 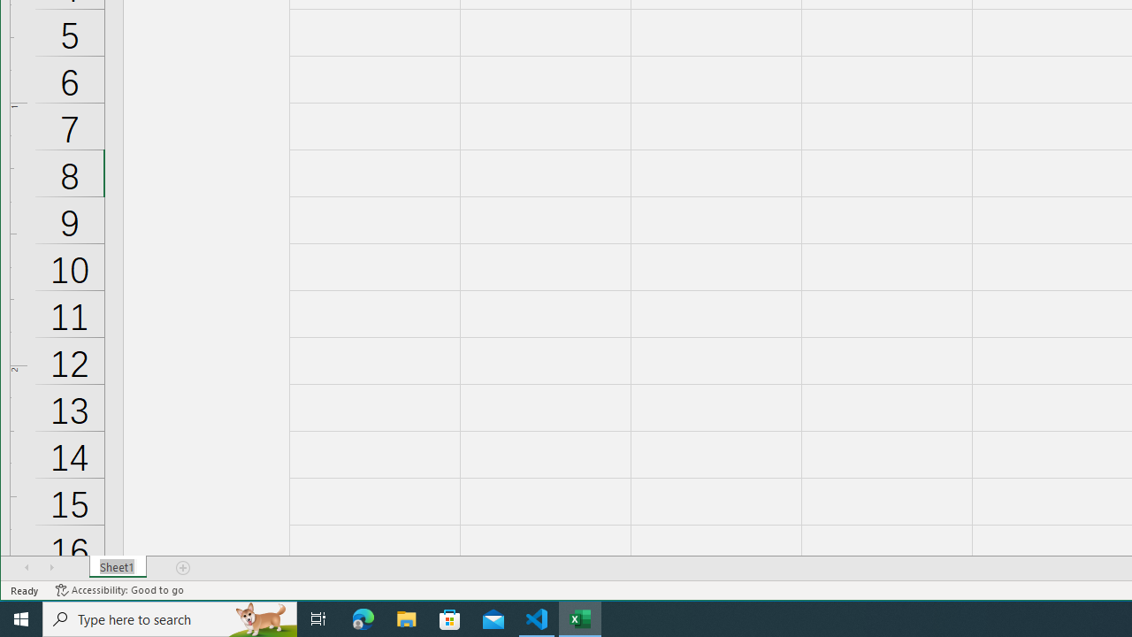 What do you see at coordinates (317, 618) in the screenshot?
I see `'Task View'` at bounding box center [317, 618].